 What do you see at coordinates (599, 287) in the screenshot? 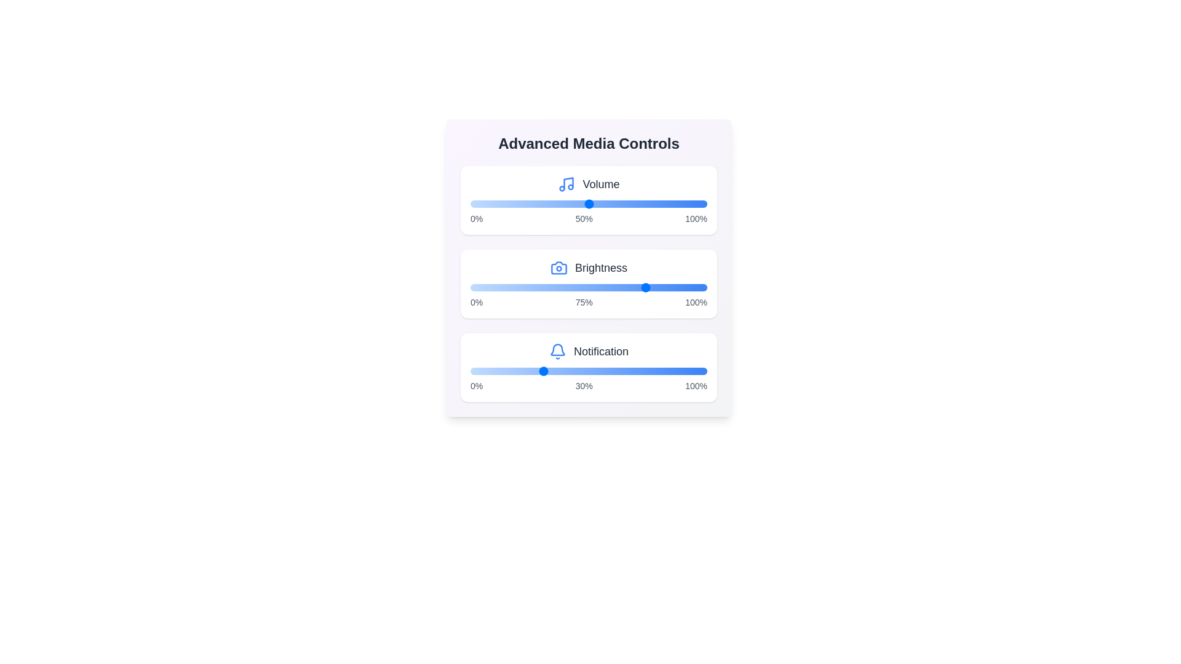
I see `the 1 slider to 9%` at bounding box center [599, 287].